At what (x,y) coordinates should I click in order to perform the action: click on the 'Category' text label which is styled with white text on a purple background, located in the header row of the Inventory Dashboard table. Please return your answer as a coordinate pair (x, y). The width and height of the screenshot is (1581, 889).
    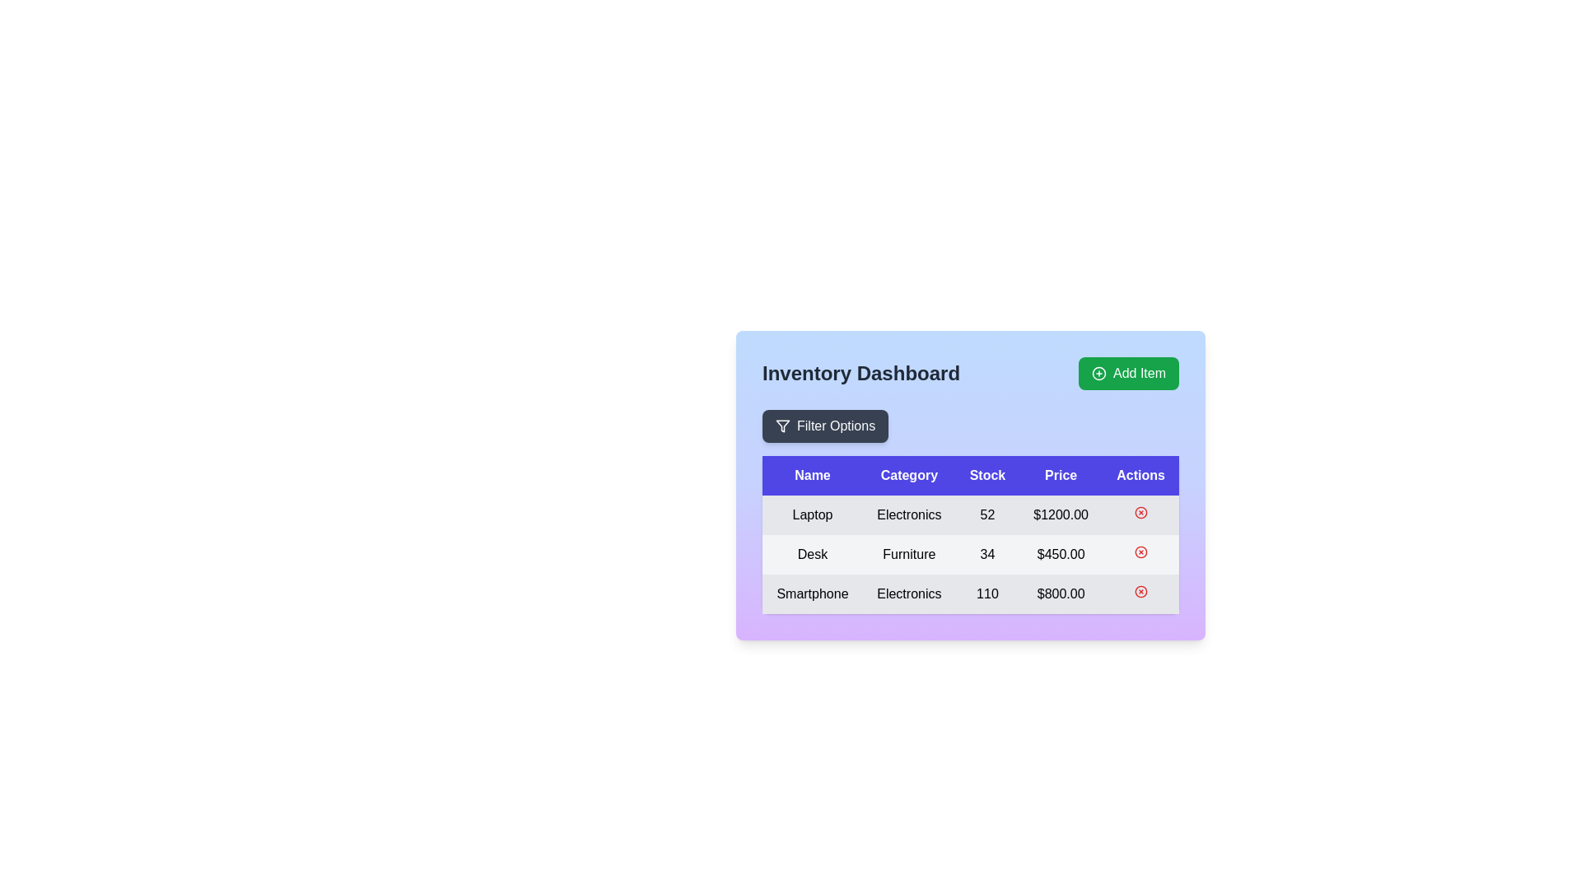
    Looking at the image, I should click on (908, 476).